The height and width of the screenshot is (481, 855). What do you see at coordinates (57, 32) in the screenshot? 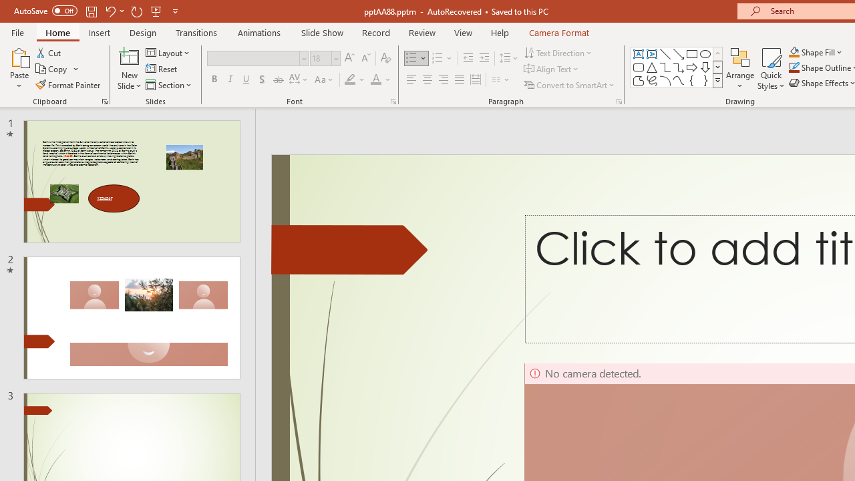
I see `'Home'` at bounding box center [57, 32].